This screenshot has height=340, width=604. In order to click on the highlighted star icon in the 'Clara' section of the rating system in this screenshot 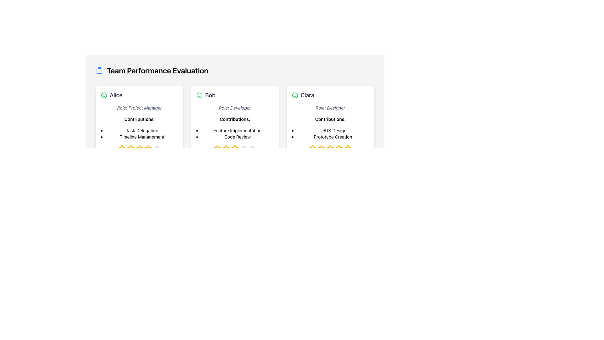, I will do `click(313, 149)`.